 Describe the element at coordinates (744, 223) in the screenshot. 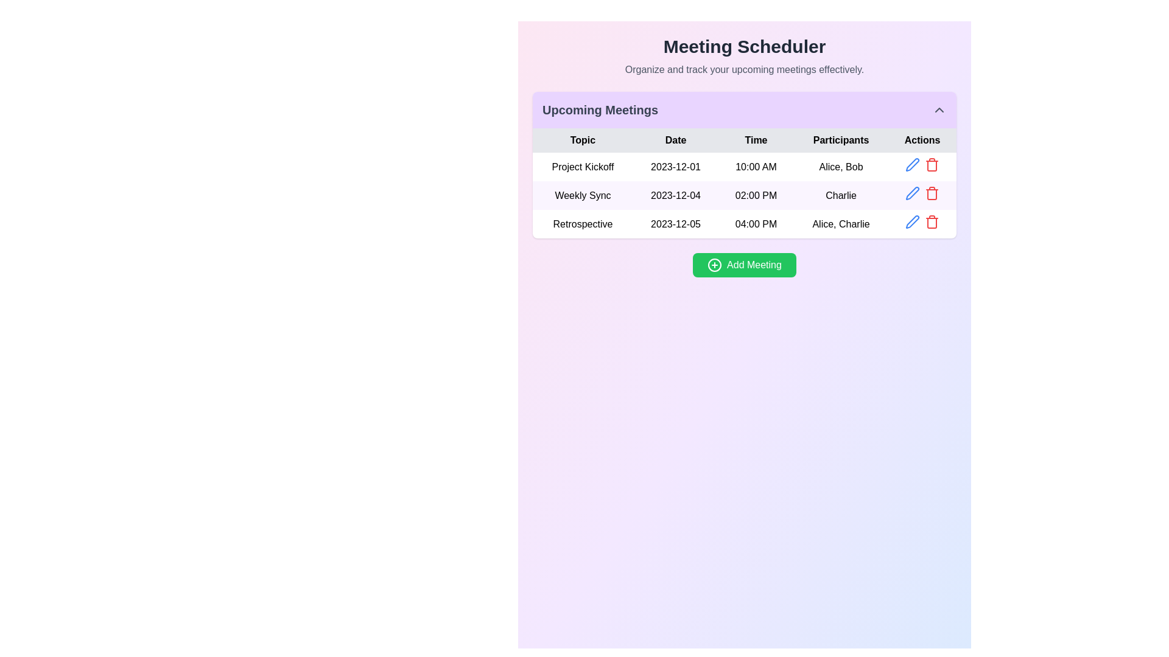

I see `to select the third row of the 'Upcoming Meetings' table, which contains the columns 'Retrospective', '2023-12-05', '04:00 PM', and 'Alice, Charlie', along with interactive icons for editing and deleting` at that location.